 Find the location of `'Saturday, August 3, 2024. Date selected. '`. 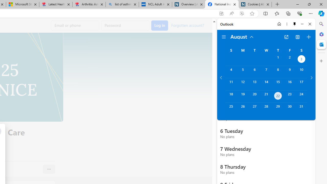

'Saturday, August 3, 2024. Date selected. ' is located at coordinates (301, 59).